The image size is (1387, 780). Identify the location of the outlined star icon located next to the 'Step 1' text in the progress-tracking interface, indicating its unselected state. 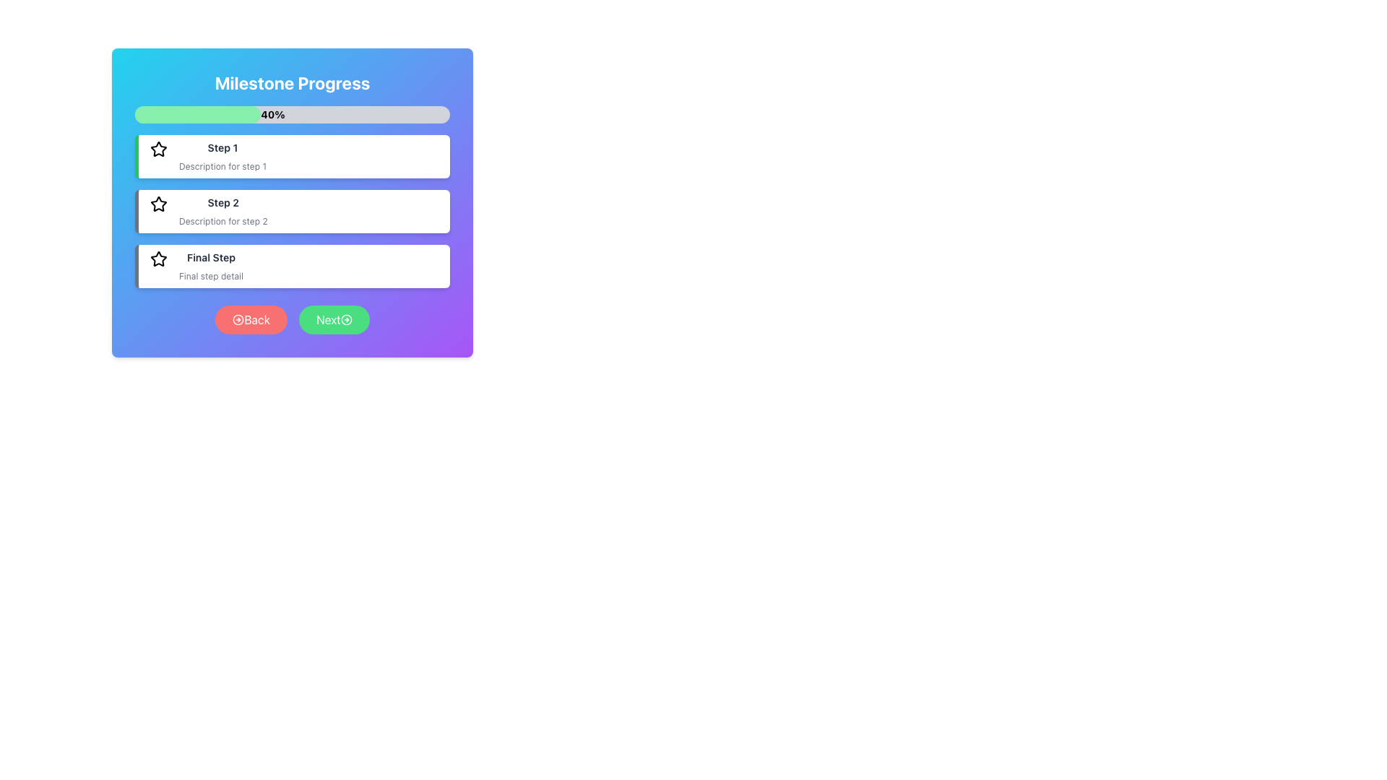
(159, 149).